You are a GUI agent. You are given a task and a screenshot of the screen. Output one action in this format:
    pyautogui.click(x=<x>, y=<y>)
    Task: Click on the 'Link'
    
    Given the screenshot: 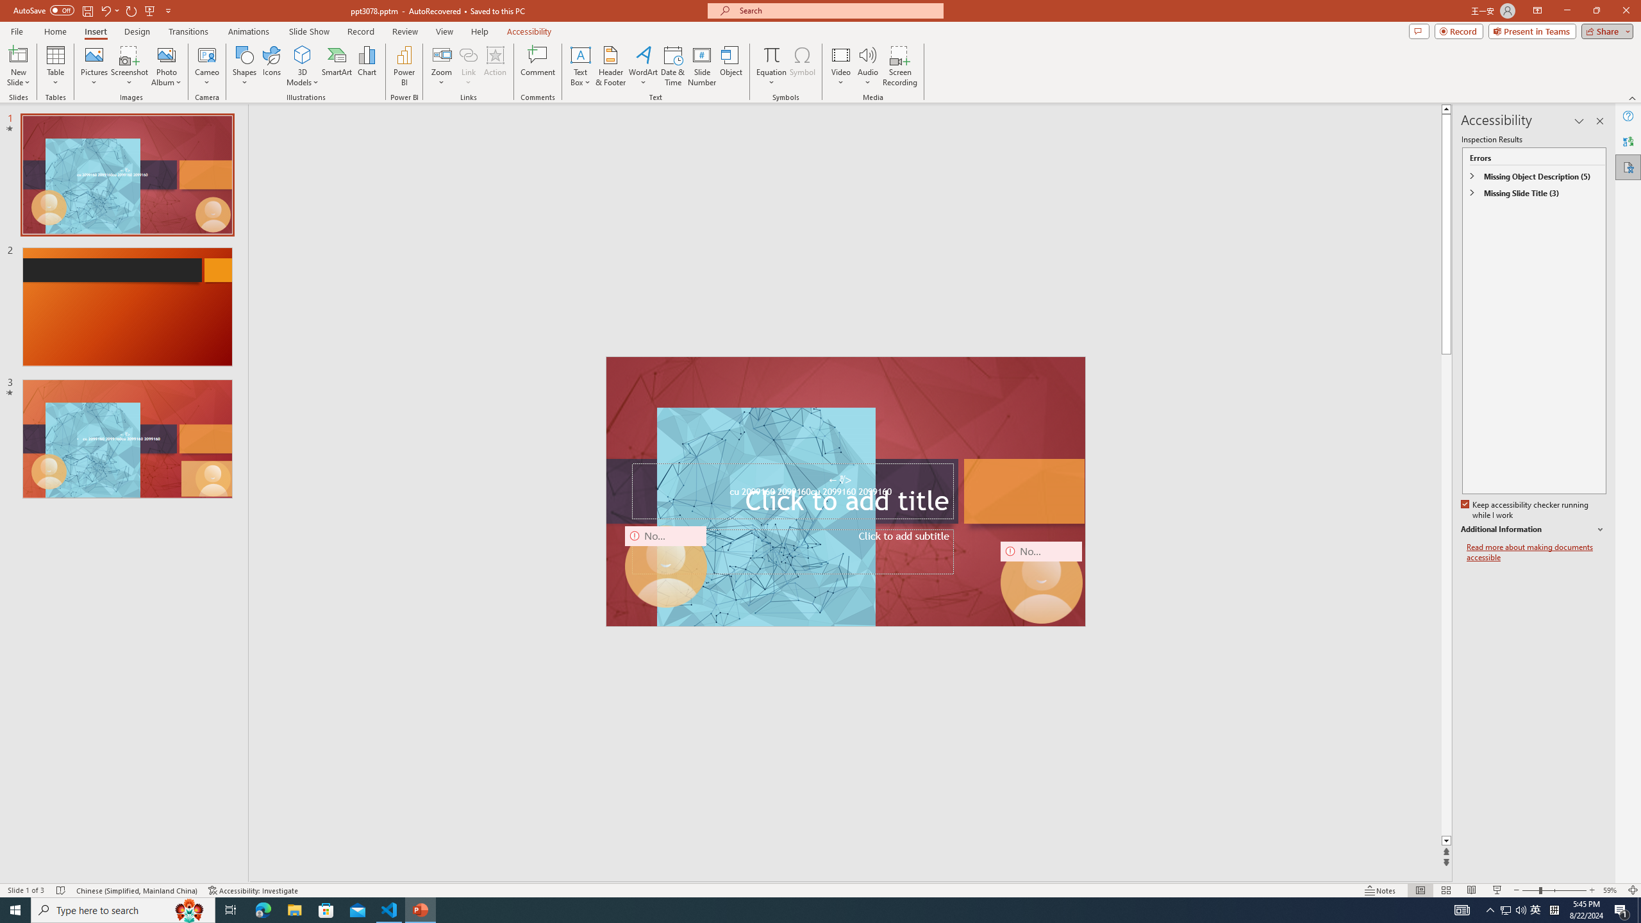 What is the action you would take?
    pyautogui.click(x=467, y=54)
    